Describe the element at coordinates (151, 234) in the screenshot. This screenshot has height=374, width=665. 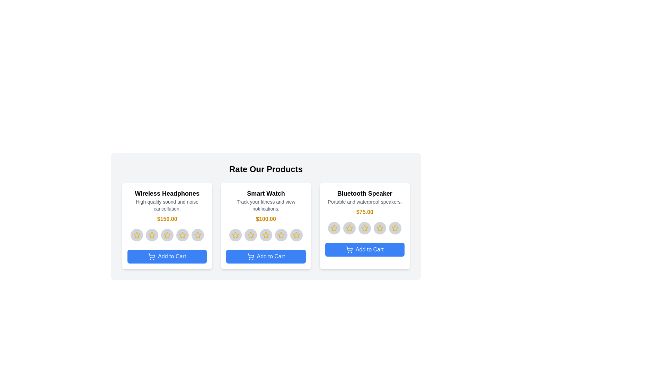
I see `the star corresponding to 2 for the product 'Wireless Headphones'` at that location.